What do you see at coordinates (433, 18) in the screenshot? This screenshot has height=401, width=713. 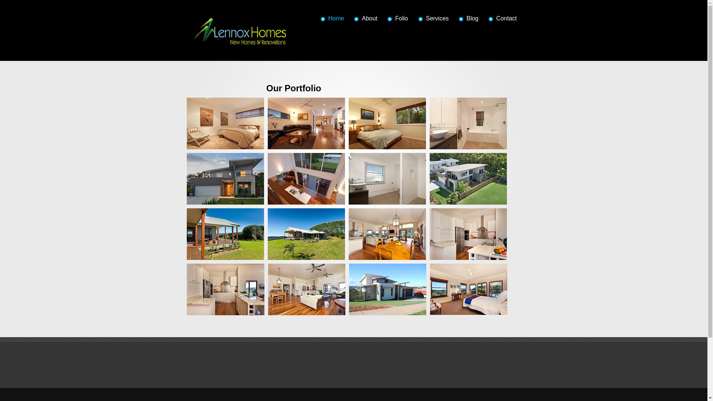 I see `'Services'` at bounding box center [433, 18].